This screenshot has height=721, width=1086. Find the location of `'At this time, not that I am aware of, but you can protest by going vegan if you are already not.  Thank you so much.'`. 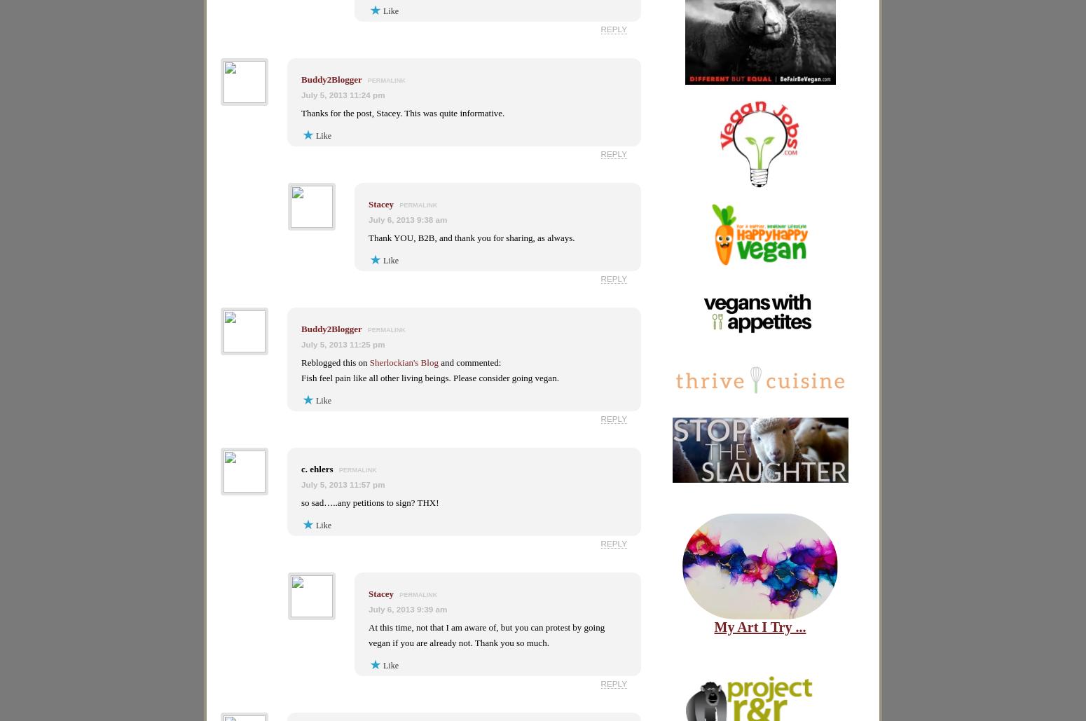

'At this time, not that I am aware of, but you can protest by going vegan if you are already not.  Thank you so much.' is located at coordinates (368, 635).